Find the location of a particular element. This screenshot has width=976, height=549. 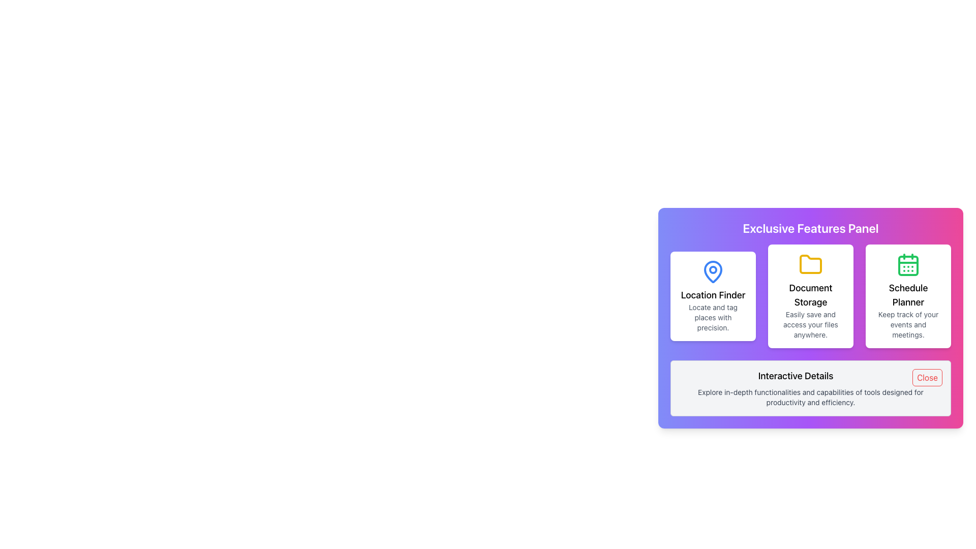

the 'Schedule Planner' text label, which serves as the title of the rightmost card in the 'Exclusive Features Panel' is located at coordinates (908, 295).